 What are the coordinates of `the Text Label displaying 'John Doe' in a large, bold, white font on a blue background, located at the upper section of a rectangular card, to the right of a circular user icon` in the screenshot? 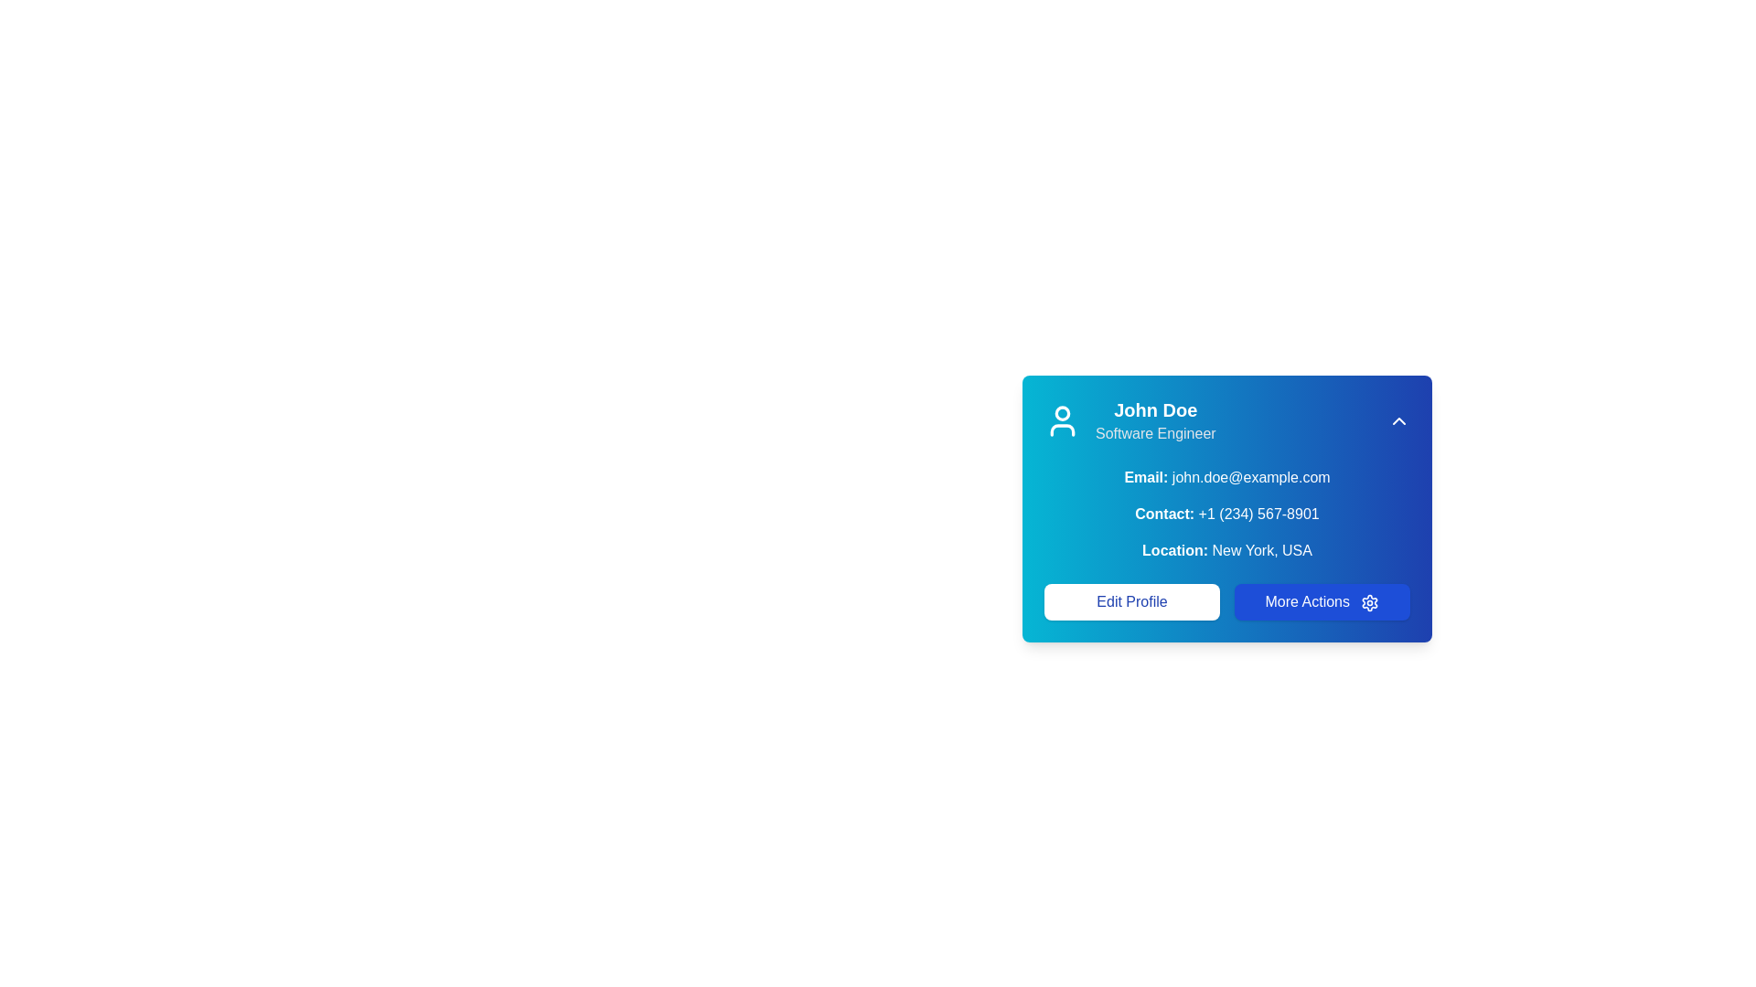 It's located at (1154, 409).